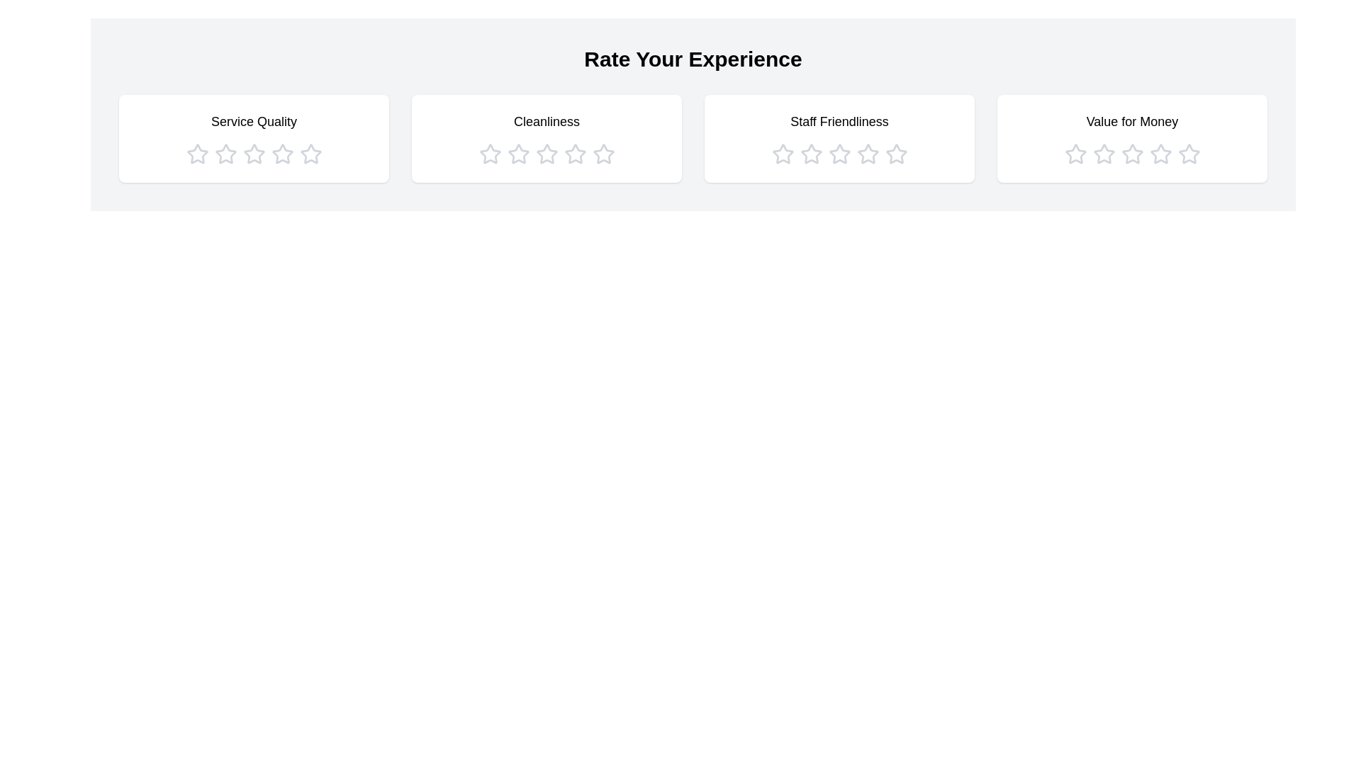 The width and height of the screenshot is (1361, 765). What do you see at coordinates (196, 154) in the screenshot?
I see `the star icon corresponding to 1 stars in the category Service Quality` at bounding box center [196, 154].